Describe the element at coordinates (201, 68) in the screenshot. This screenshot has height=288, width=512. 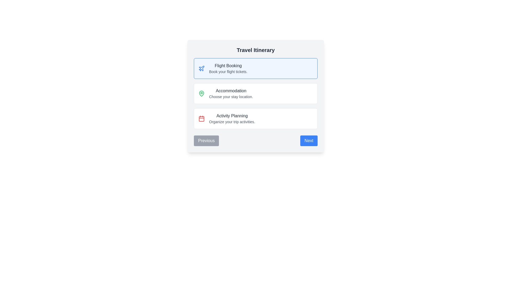
I see `the airplane icon representing the 'Flight Booking' section located at the top of the central panel` at that location.